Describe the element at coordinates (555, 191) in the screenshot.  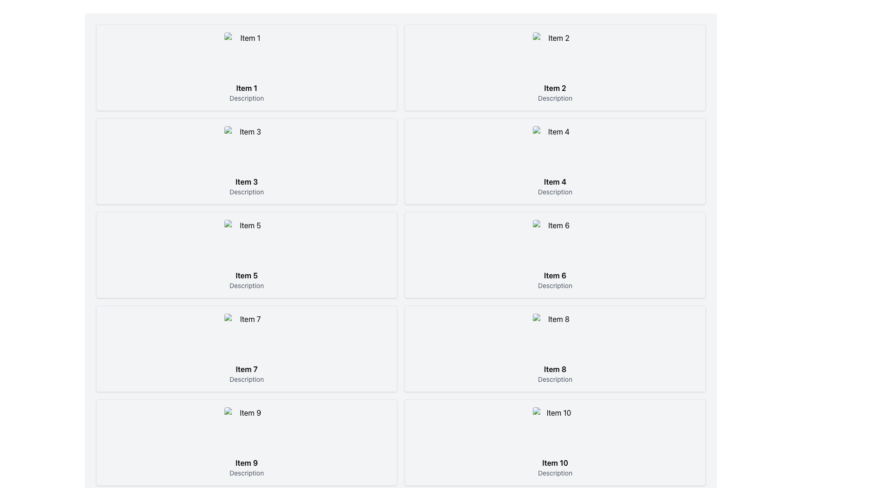
I see `the text label displaying 'Description' located beneath the title 'Item 4' in the fourth item card` at that location.